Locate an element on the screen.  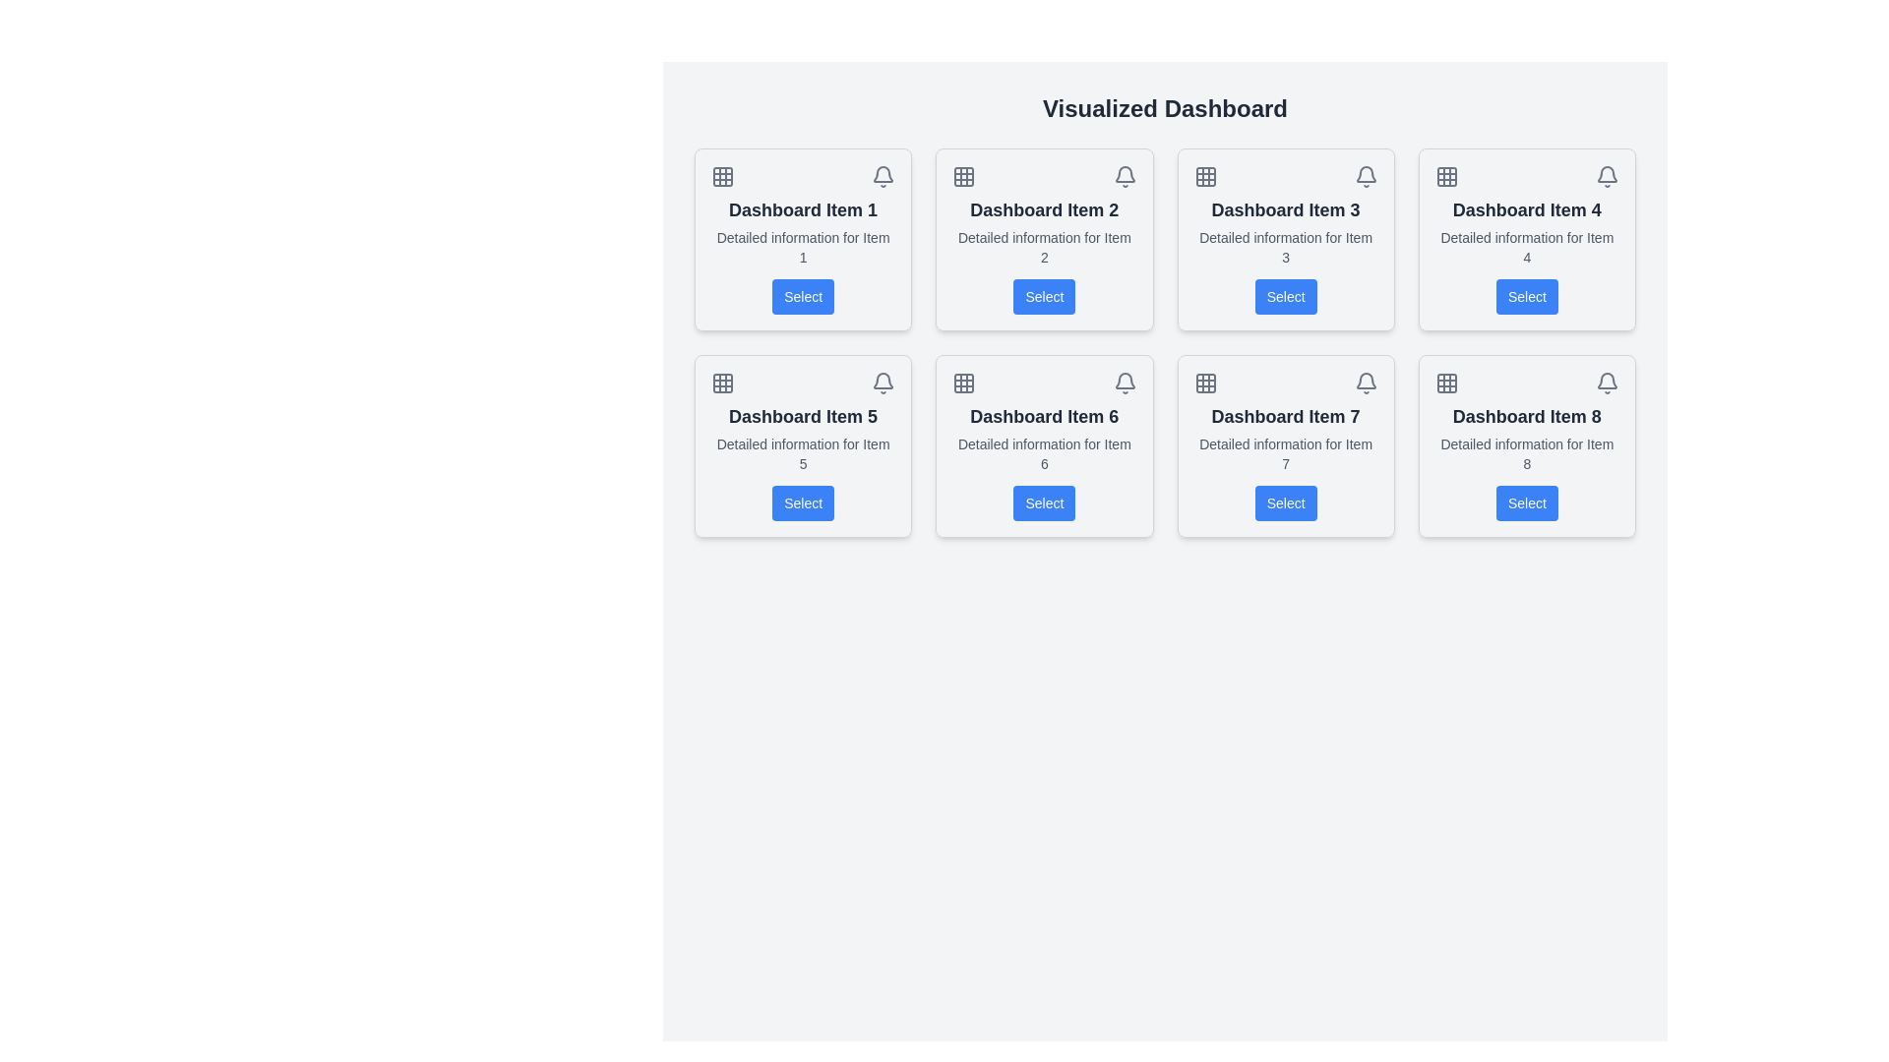
the button that allows users to trigger an action related to 'Dashboard Item 7', located in the second row, third column of the grid layout is located at coordinates (1286, 502).